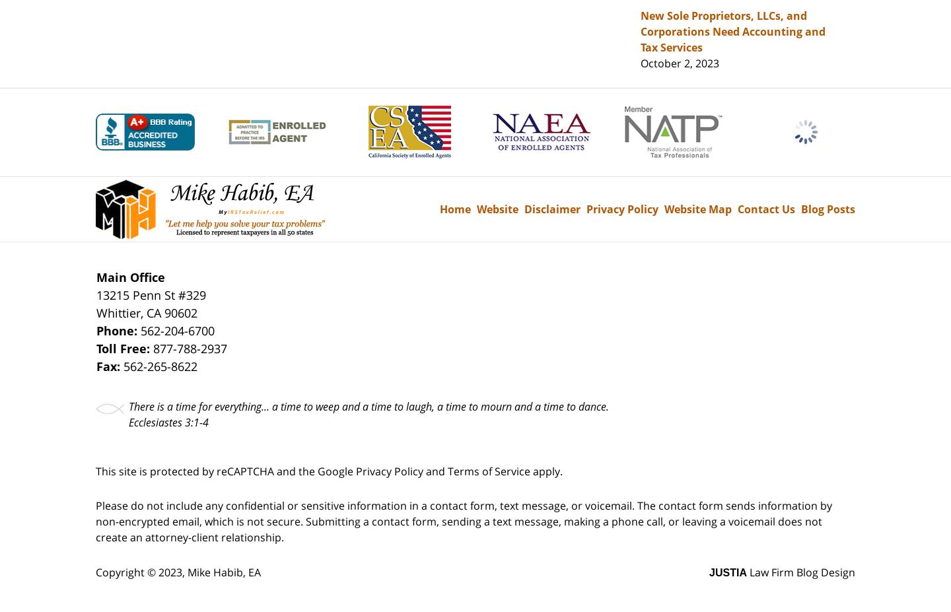  What do you see at coordinates (447, 469) in the screenshot?
I see `'Terms of Service'` at bounding box center [447, 469].